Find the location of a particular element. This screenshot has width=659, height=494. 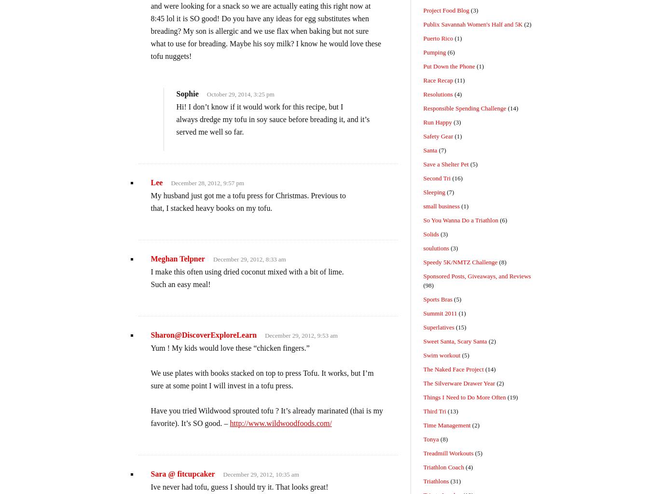

'Sponsored Posts, Giveaways, and Reviews' is located at coordinates (477, 275).